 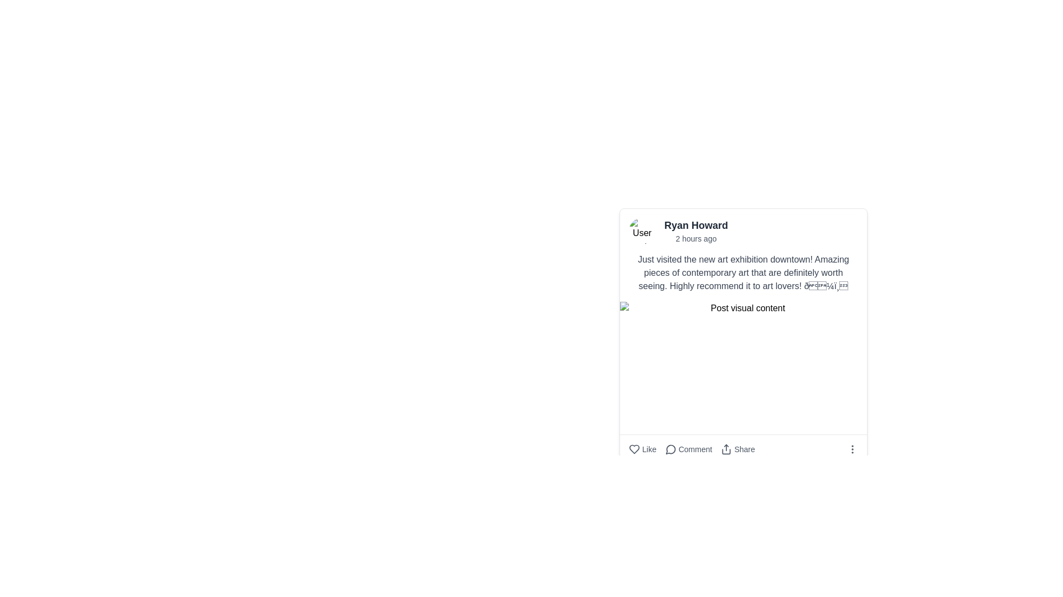 What do you see at coordinates (726, 449) in the screenshot?
I see `the share icon located in the bottom right corner of the post interface, to the left of the text 'Share'` at bounding box center [726, 449].